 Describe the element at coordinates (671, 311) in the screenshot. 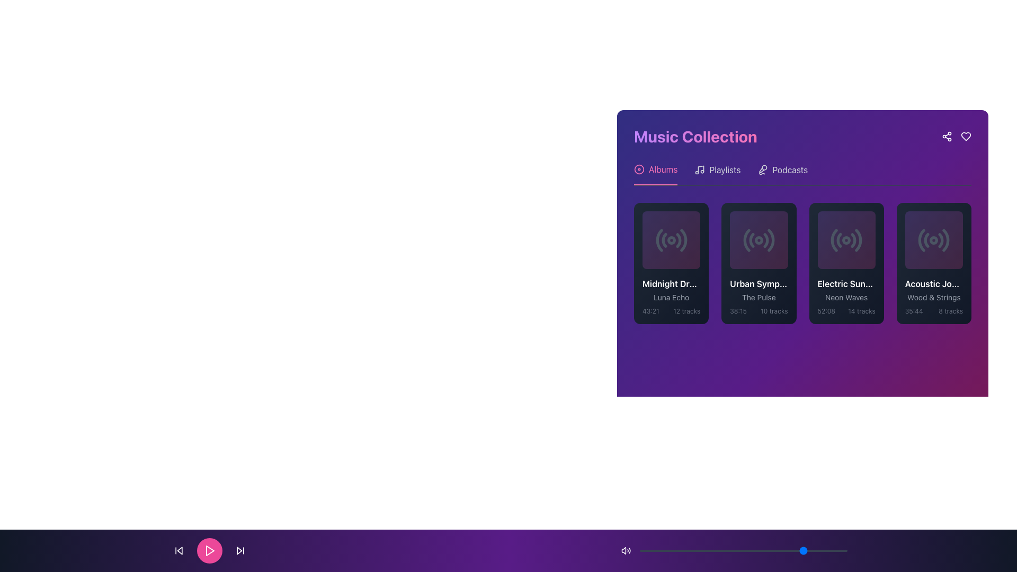

I see `metadata displayed in the text segment showing '43:21' and '12 tracks' within the card labeled 'Midnight Dreams' and 'Luna Echo'` at that location.